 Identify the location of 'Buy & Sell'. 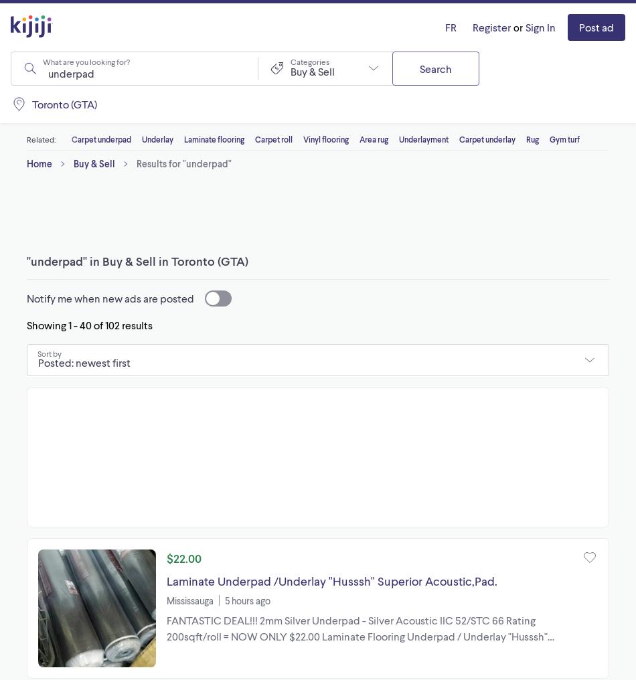
(94, 163).